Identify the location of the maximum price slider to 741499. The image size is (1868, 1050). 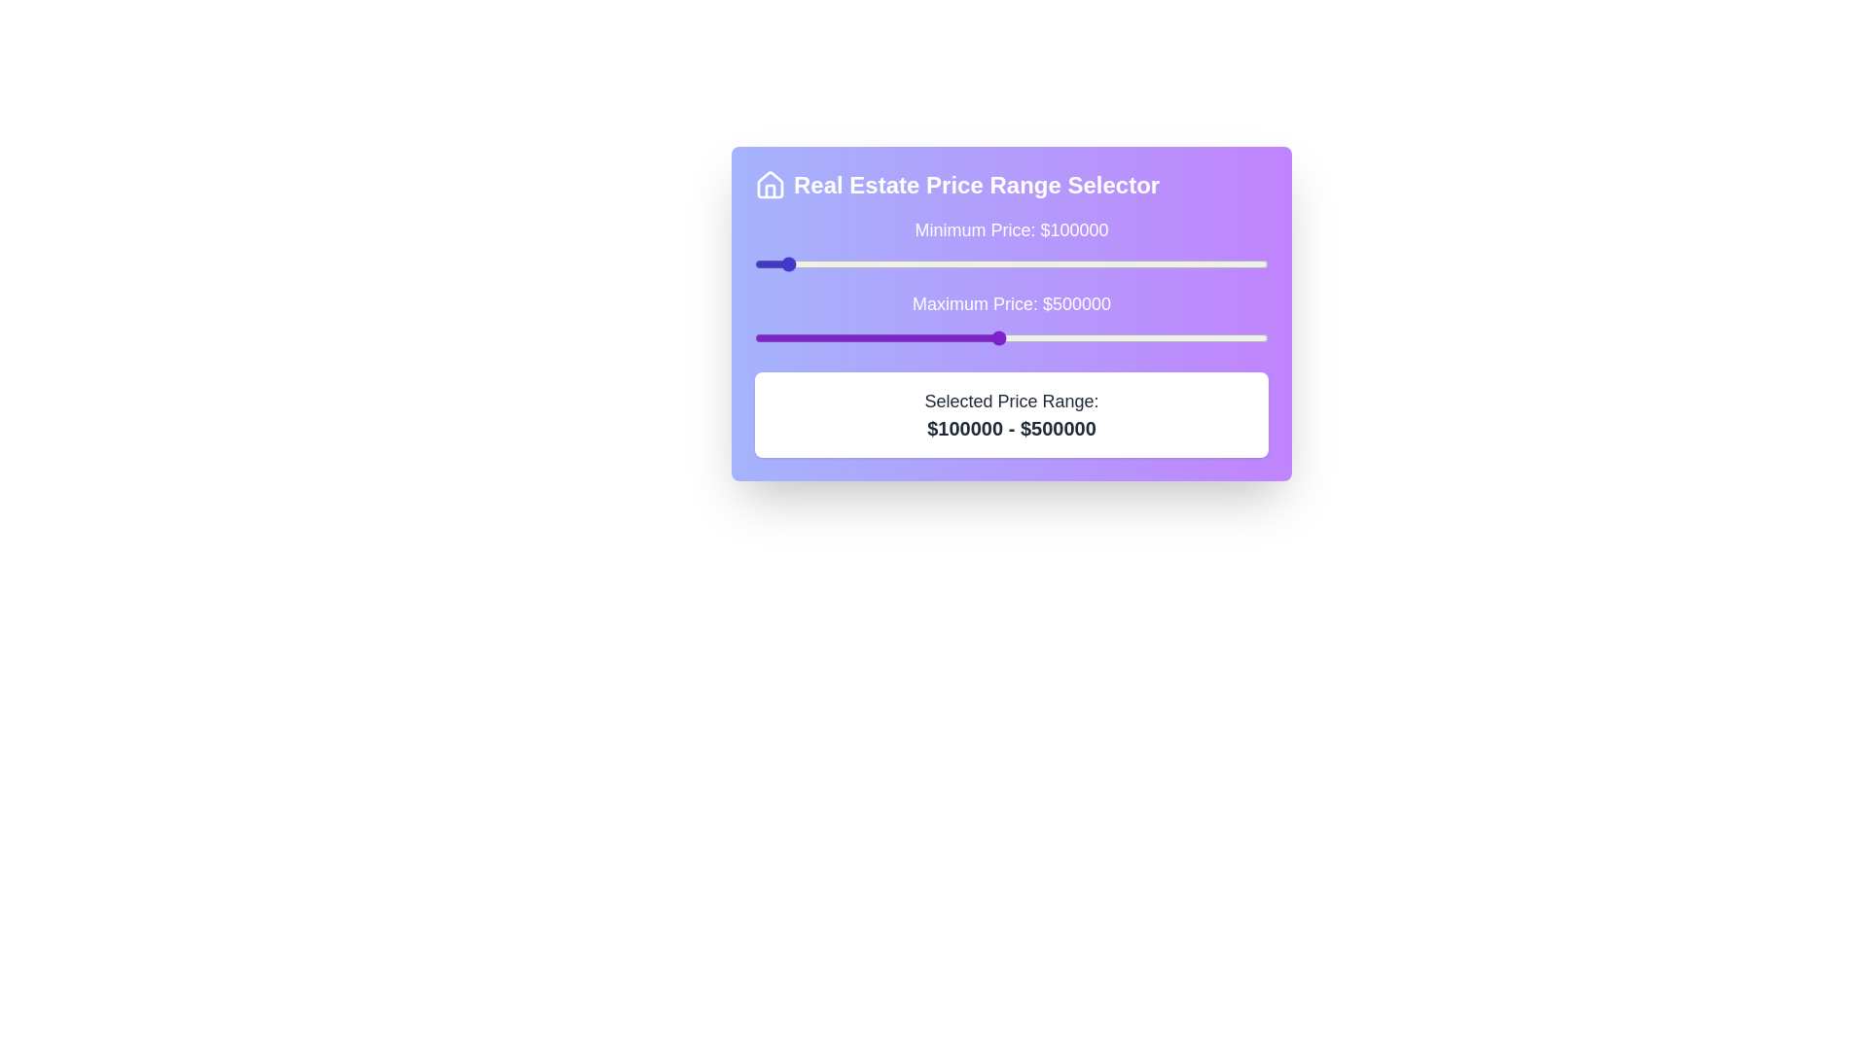
(1129, 336).